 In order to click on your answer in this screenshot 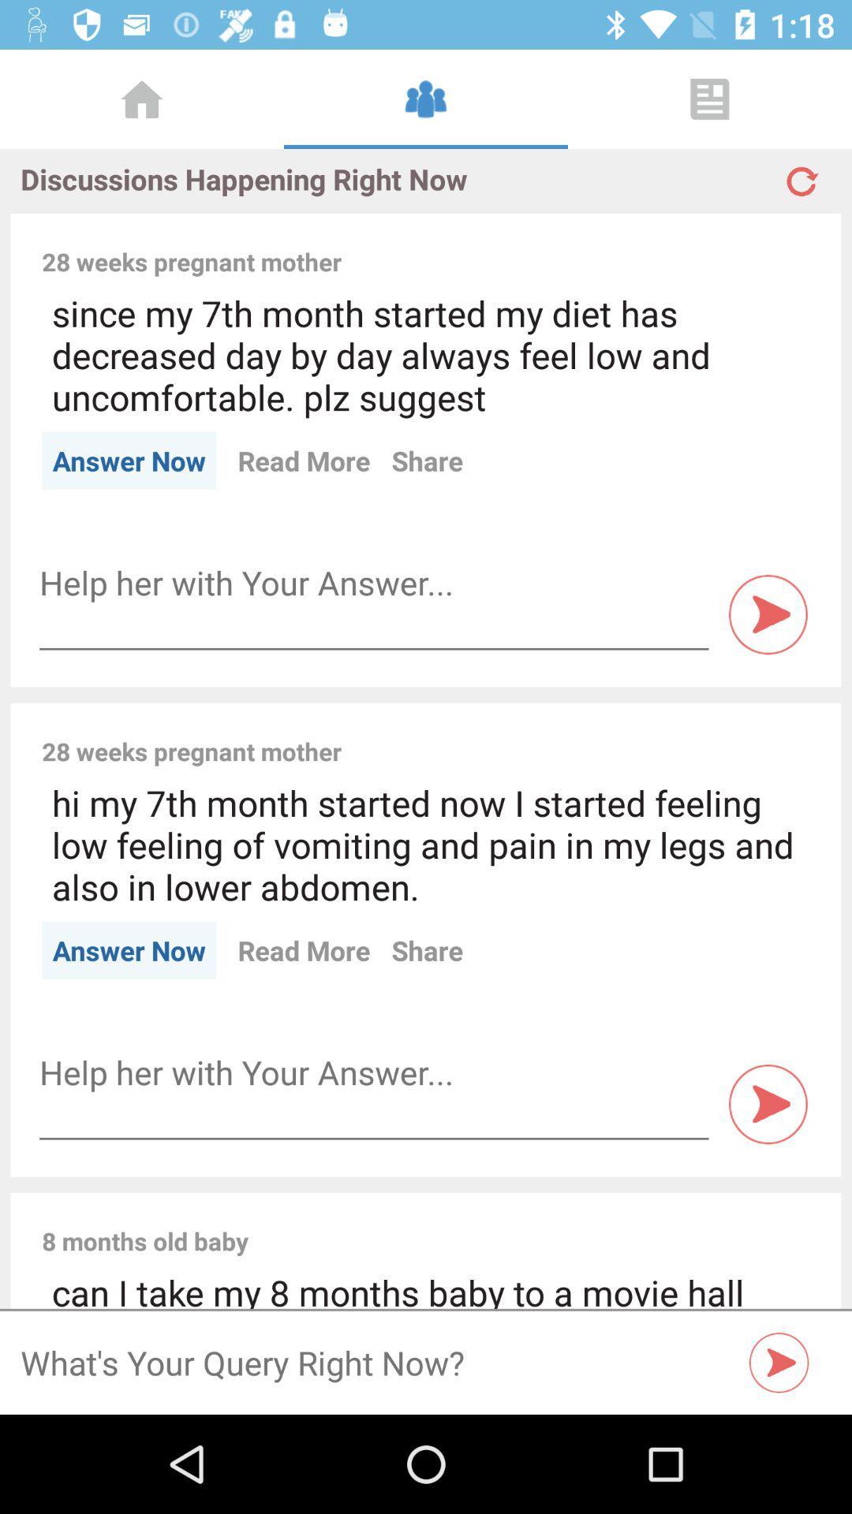, I will do `click(374, 582)`.